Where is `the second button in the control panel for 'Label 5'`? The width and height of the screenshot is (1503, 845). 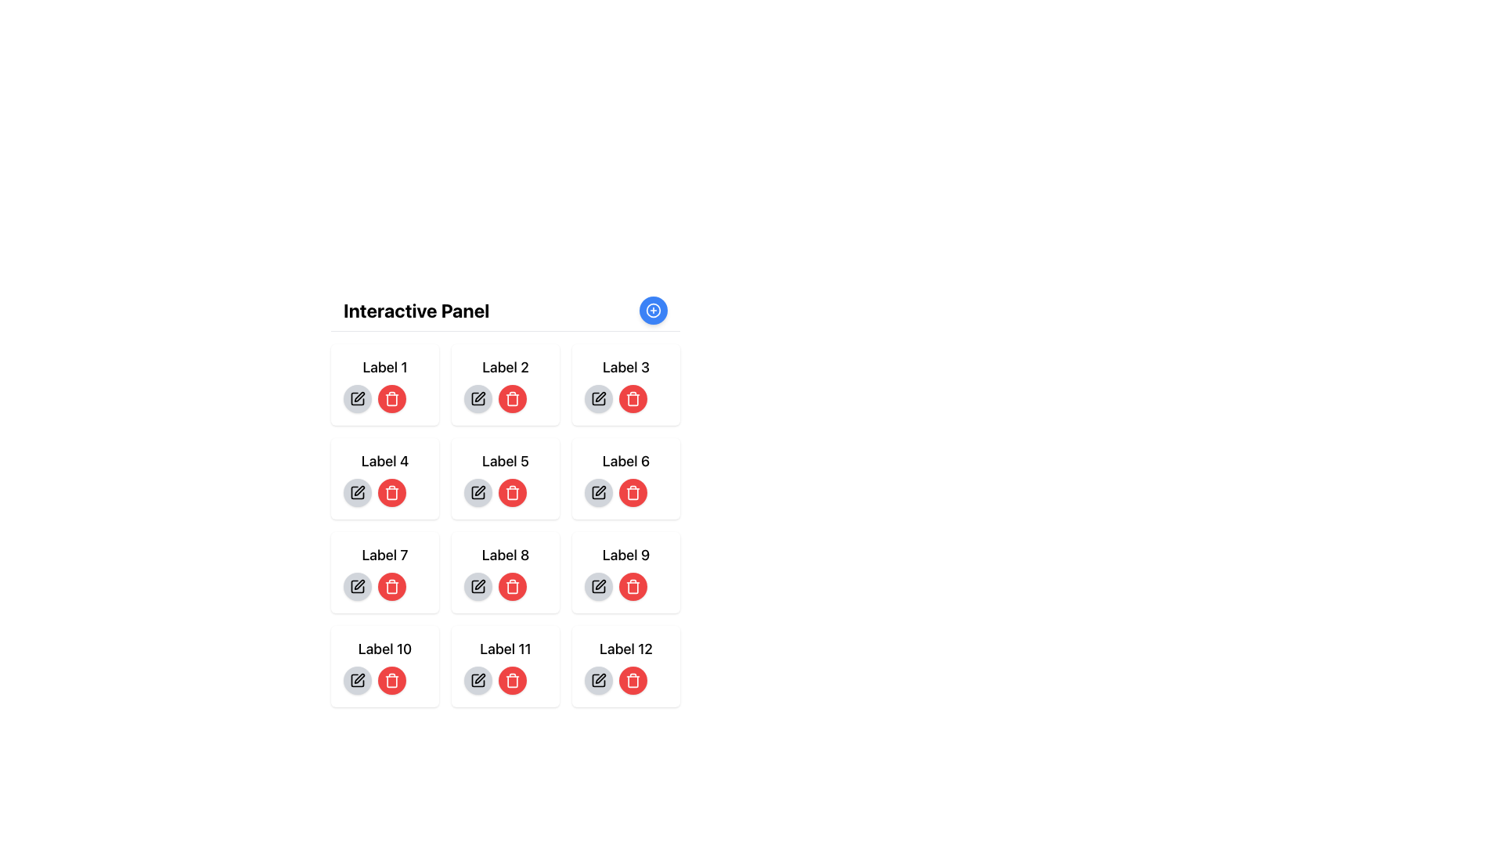
the second button in the control panel for 'Label 5' is located at coordinates (506, 491).